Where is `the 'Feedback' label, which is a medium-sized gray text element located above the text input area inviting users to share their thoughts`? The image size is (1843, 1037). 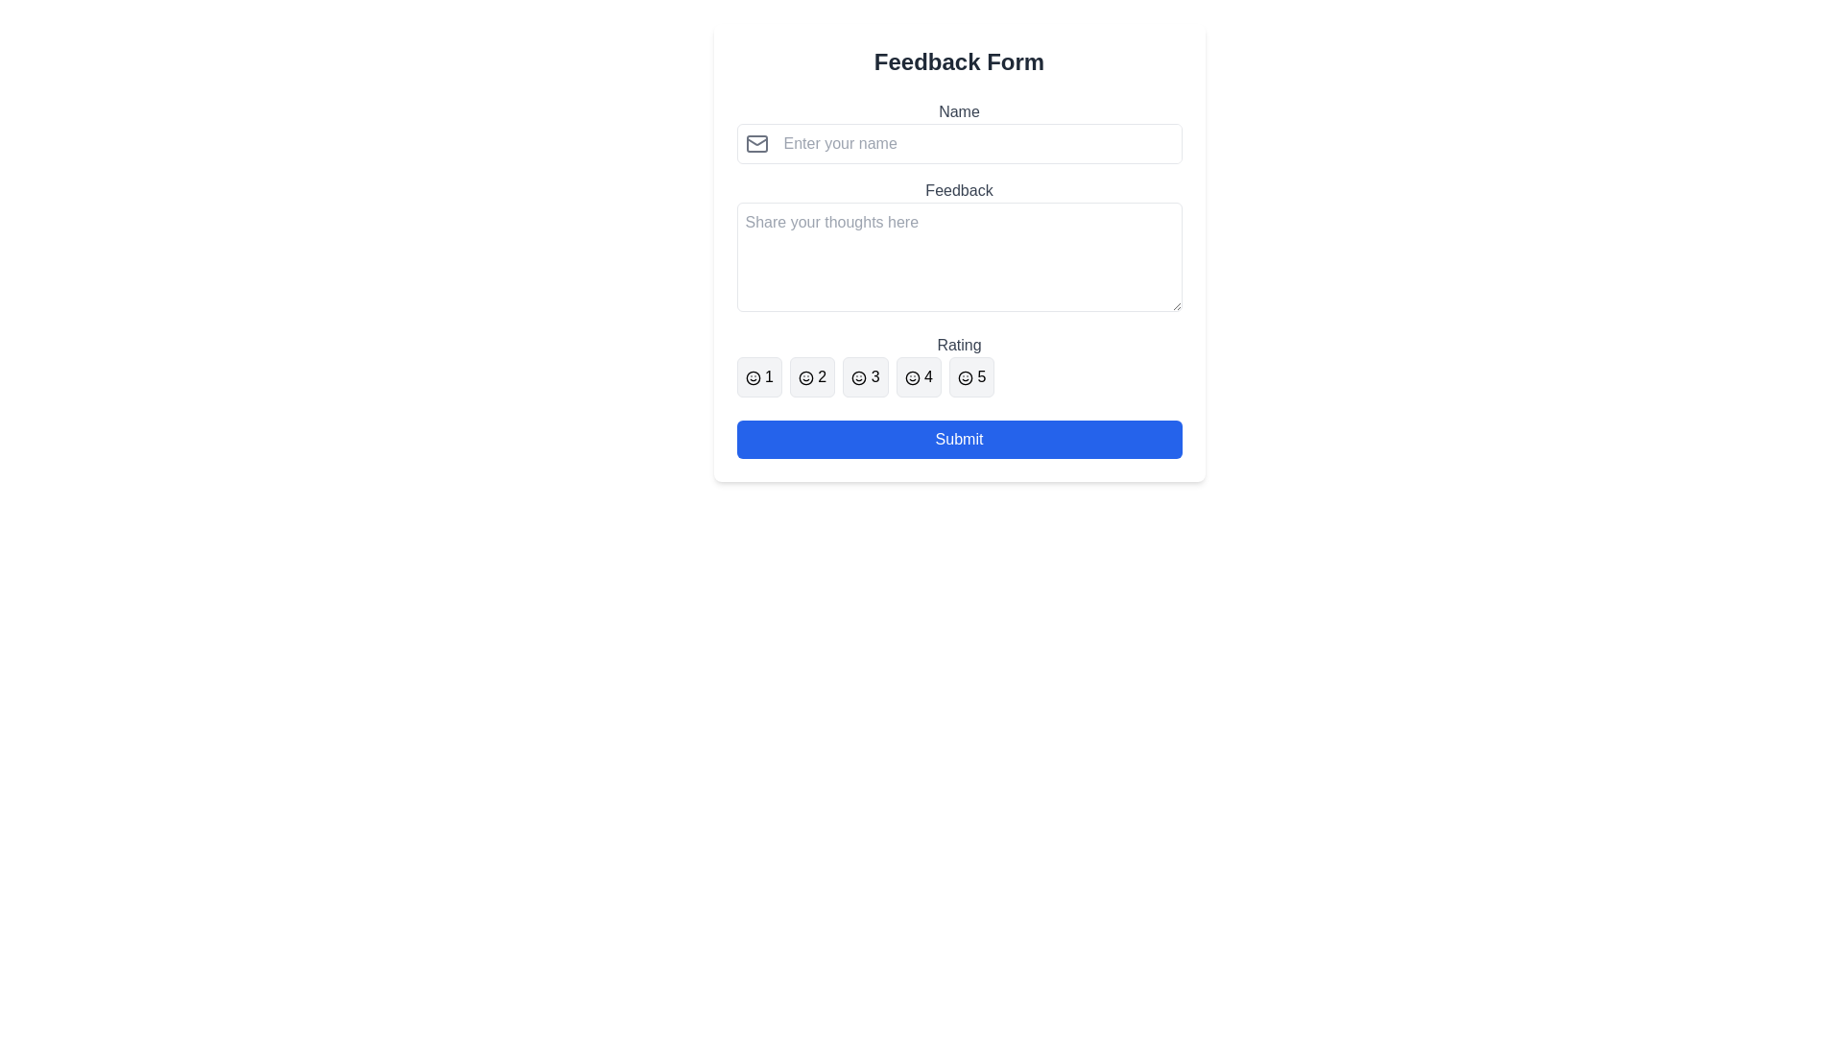
the 'Feedback' label, which is a medium-sized gray text element located above the text input area inviting users to share their thoughts is located at coordinates (959, 191).